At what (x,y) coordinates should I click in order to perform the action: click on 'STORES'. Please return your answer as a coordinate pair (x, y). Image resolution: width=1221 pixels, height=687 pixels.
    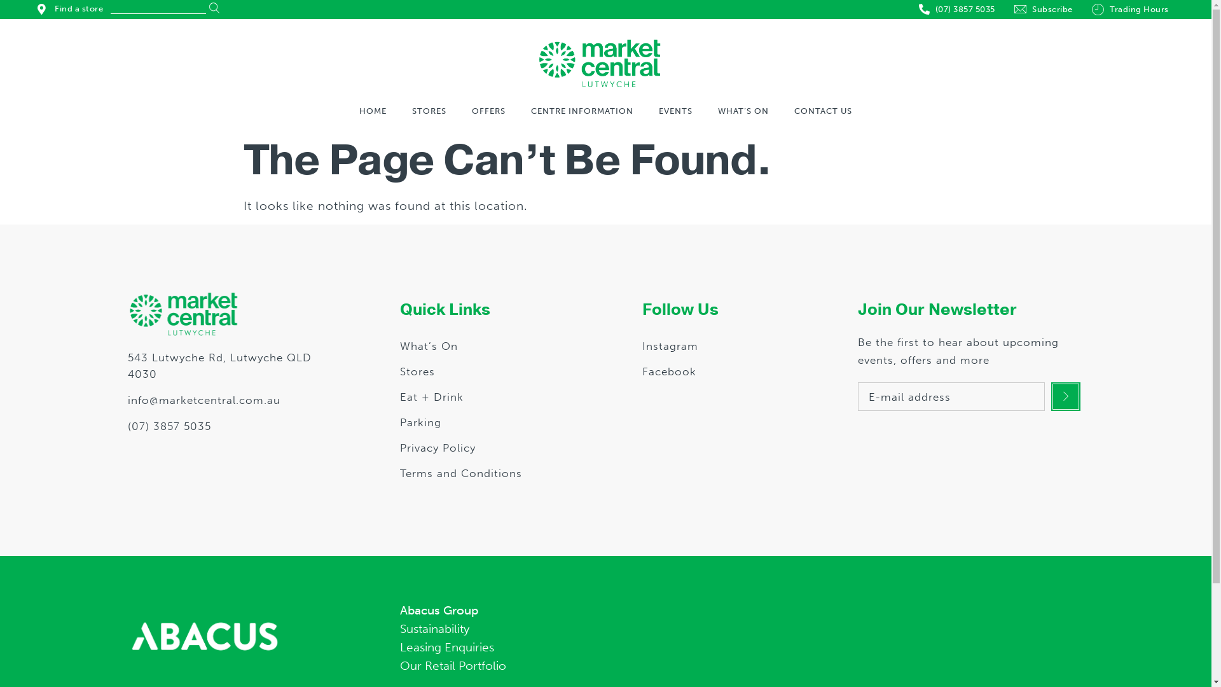
    Looking at the image, I should click on (429, 110).